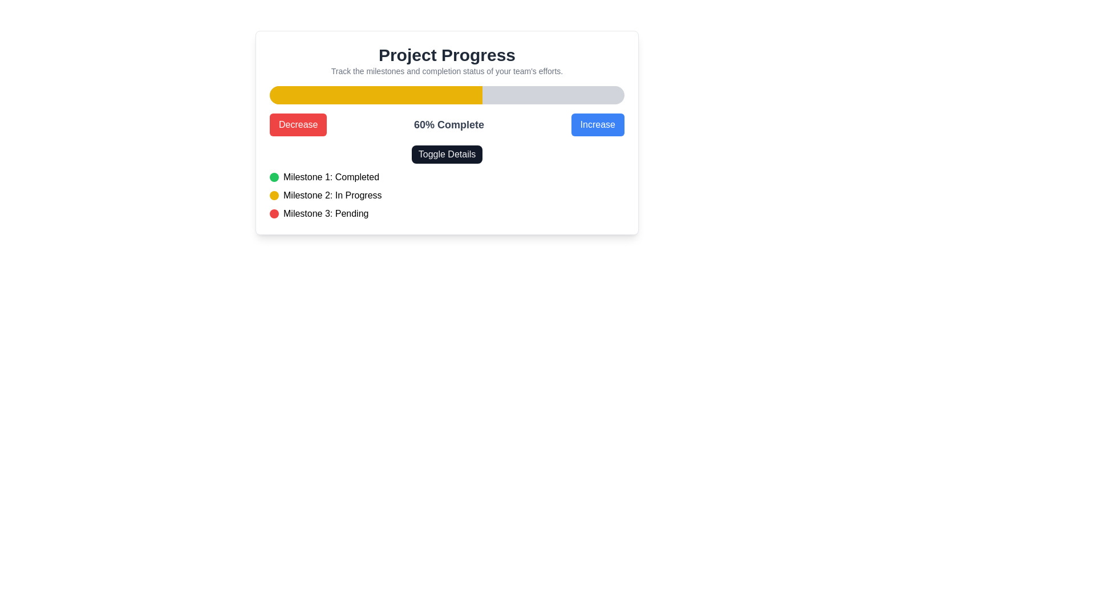 This screenshot has height=616, width=1095. What do you see at coordinates (330, 177) in the screenshot?
I see `the text label displaying 'Milestone 1: Completed' which is positioned to the right of a green circular status indicator in the first position of the milestones list` at bounding box center [330, 177].